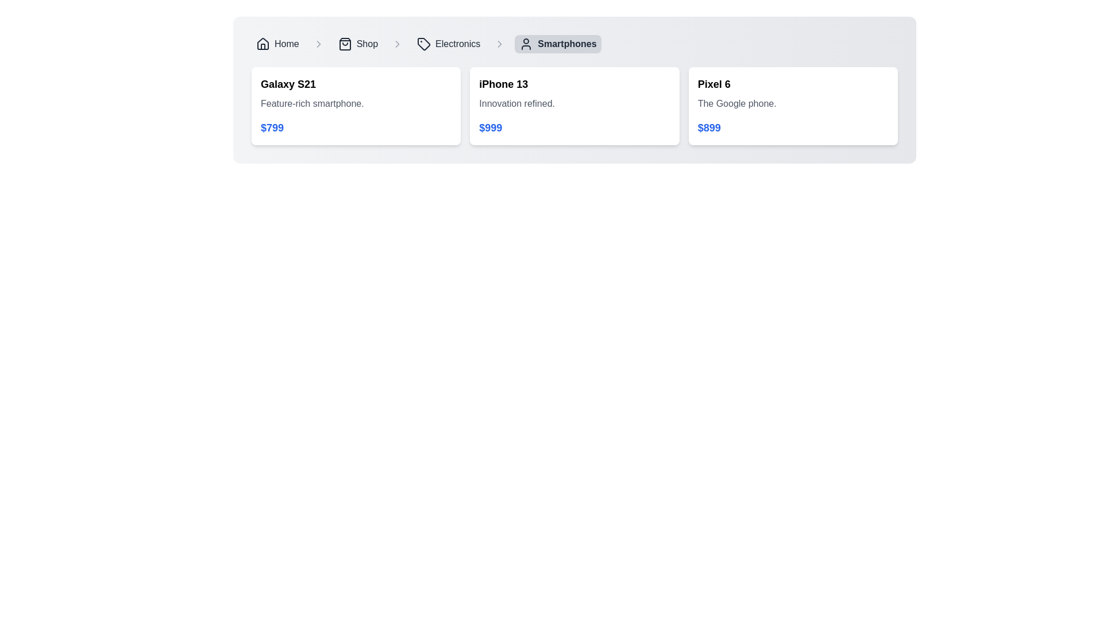 This screenshot has height=620, width=1103. I want to click on the Information Card displaying 'iPhone 13', which is the second card in a horizontal list of three cards, with a white background and shadowing, so click(574, 106).